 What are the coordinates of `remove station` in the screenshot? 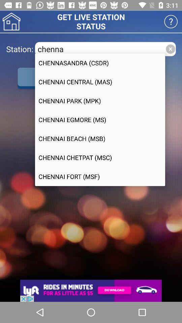 It's located at (170, 48).